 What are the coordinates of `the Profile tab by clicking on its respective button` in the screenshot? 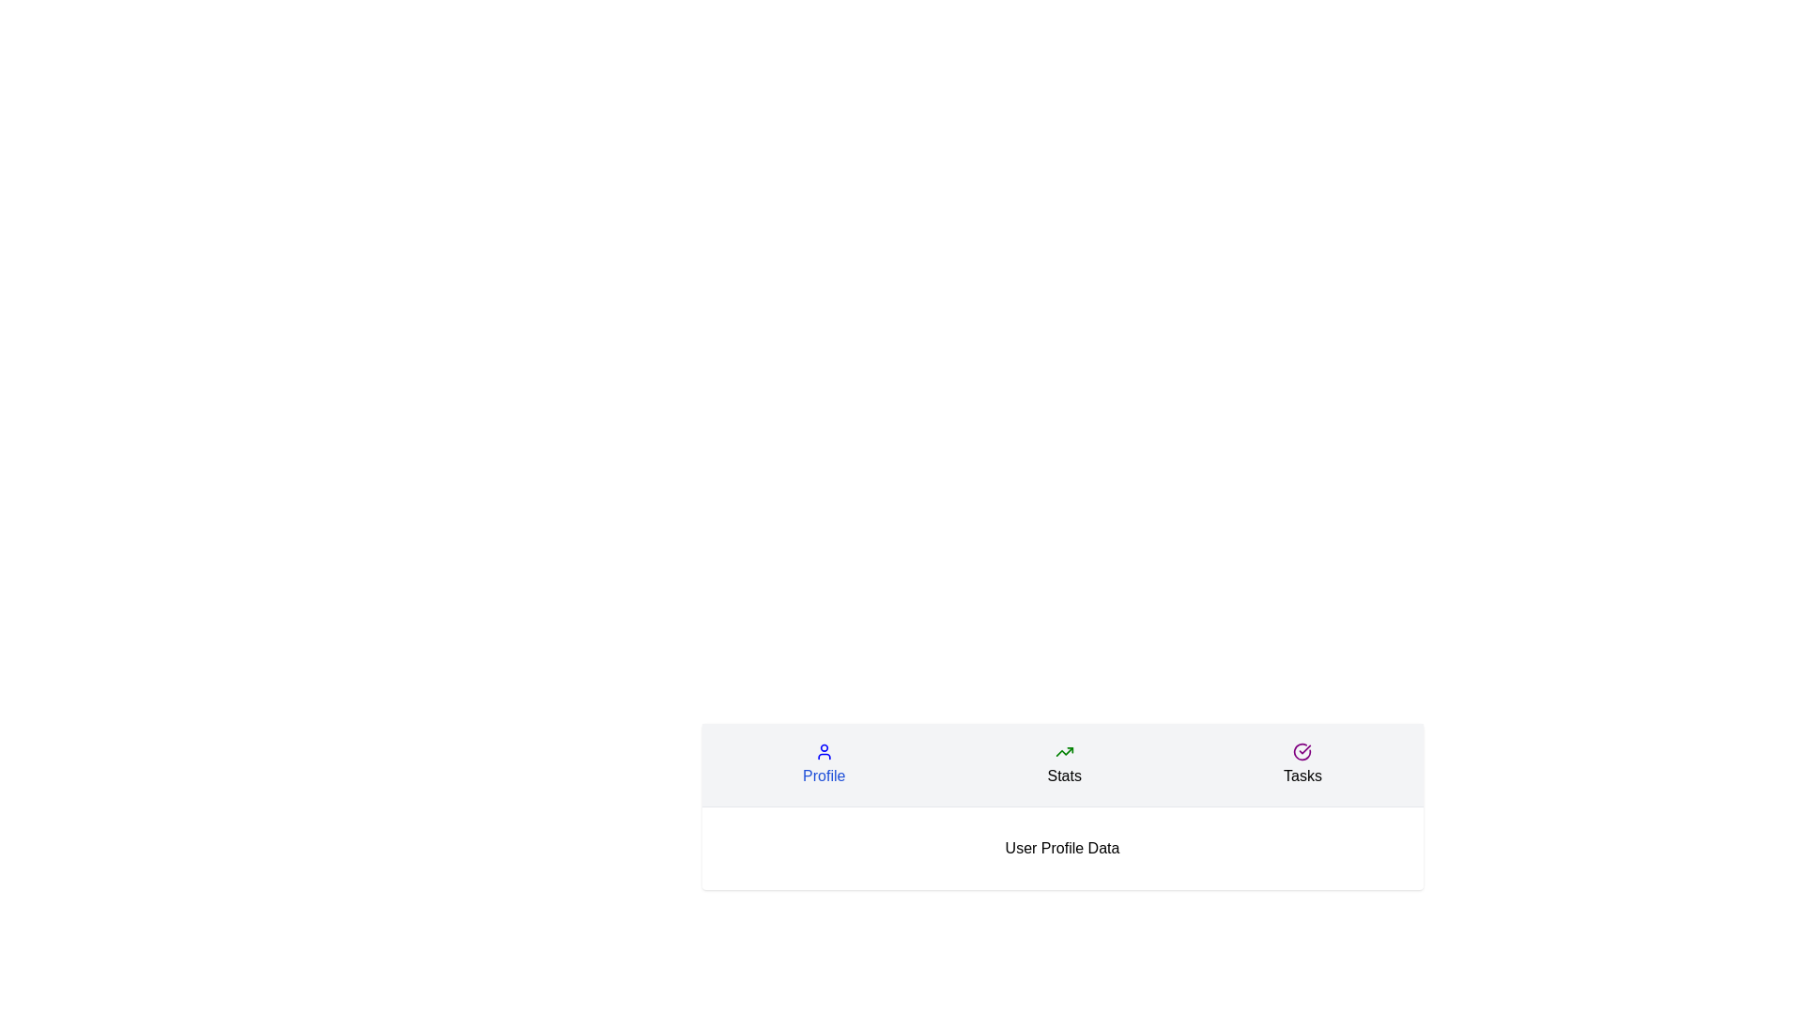 It's located at (824, 764).